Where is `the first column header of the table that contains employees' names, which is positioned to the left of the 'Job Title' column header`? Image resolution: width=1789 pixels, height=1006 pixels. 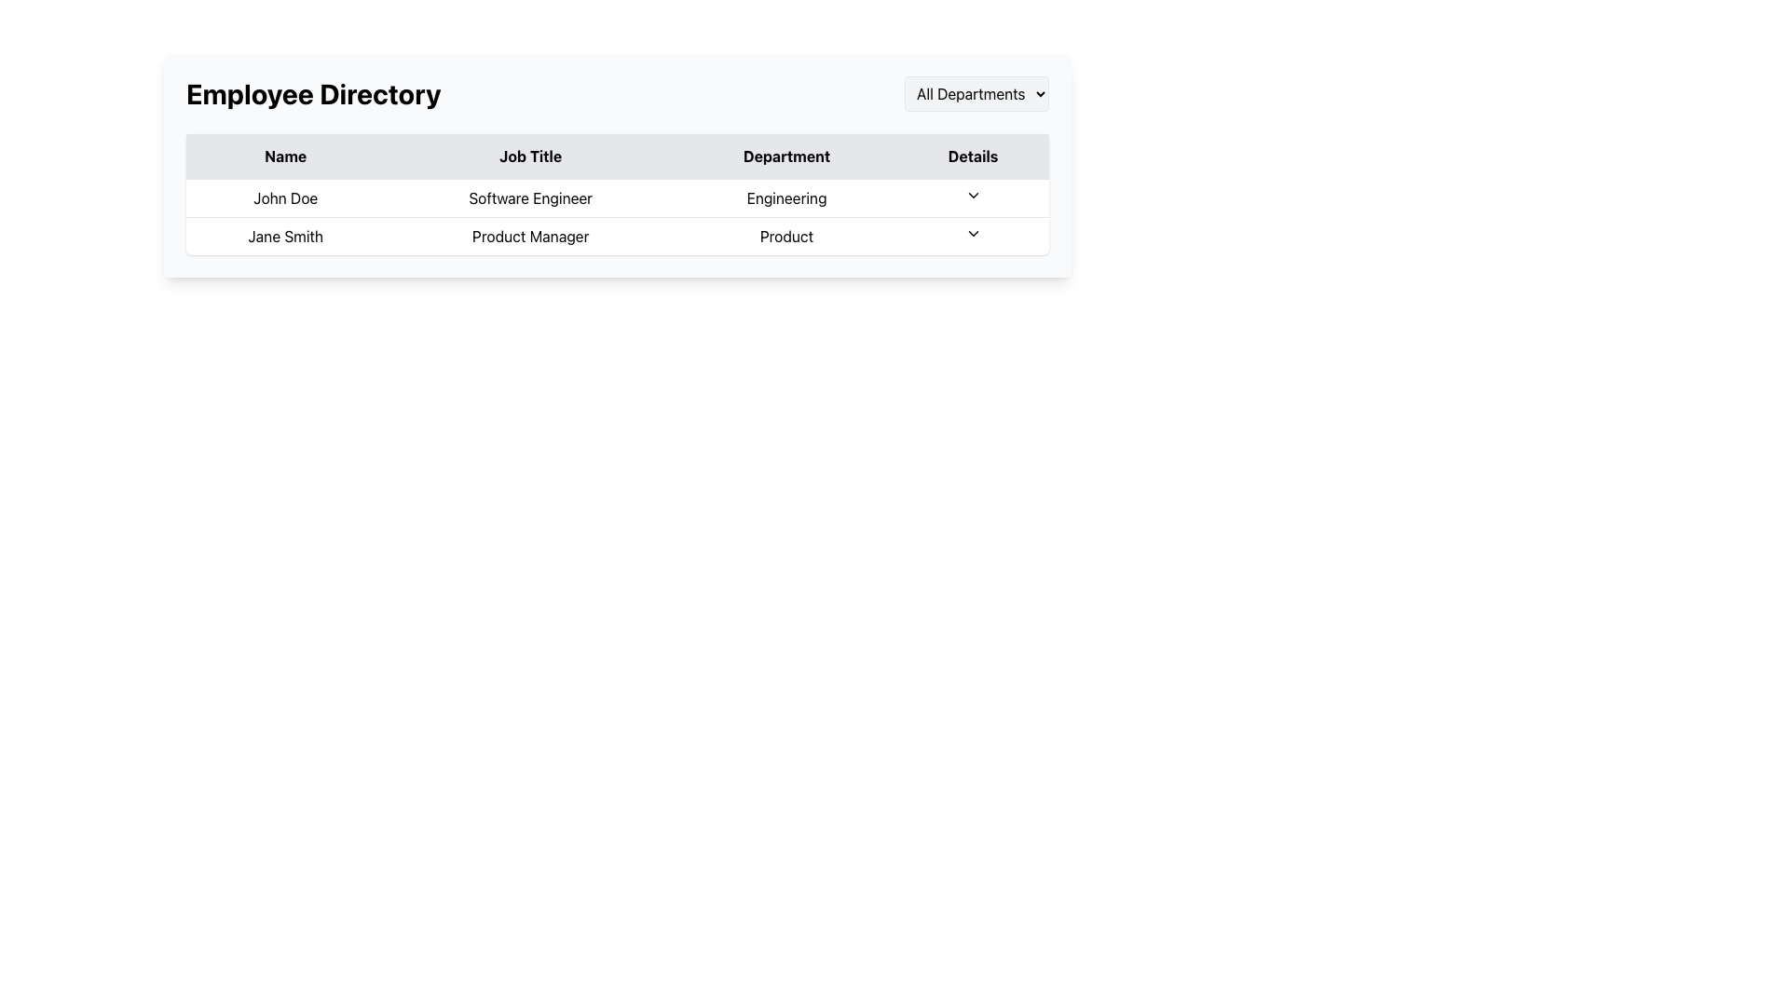
the first column header of the table that contains employees' names, which is positioned to the left of the 'Job Title' column header is located at coordinates (284, 156).